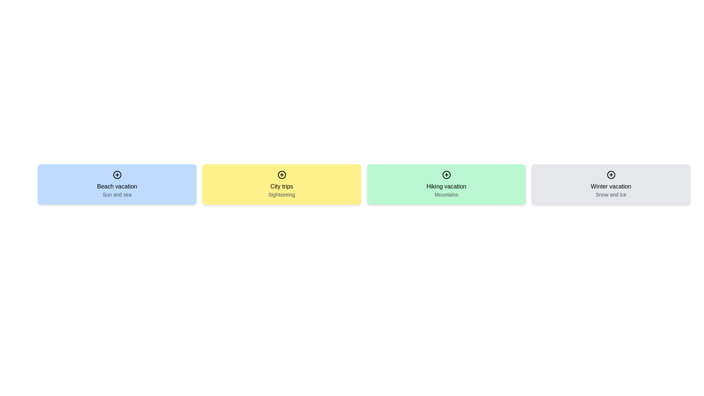 The width and height of the screenshot is (704, 396). What do you see at coordinates (446, 184) in the screenshot?
I see `the light green button labeled 'Hiking vacation' with a plus sign icon` at bounding box center [446, 184].